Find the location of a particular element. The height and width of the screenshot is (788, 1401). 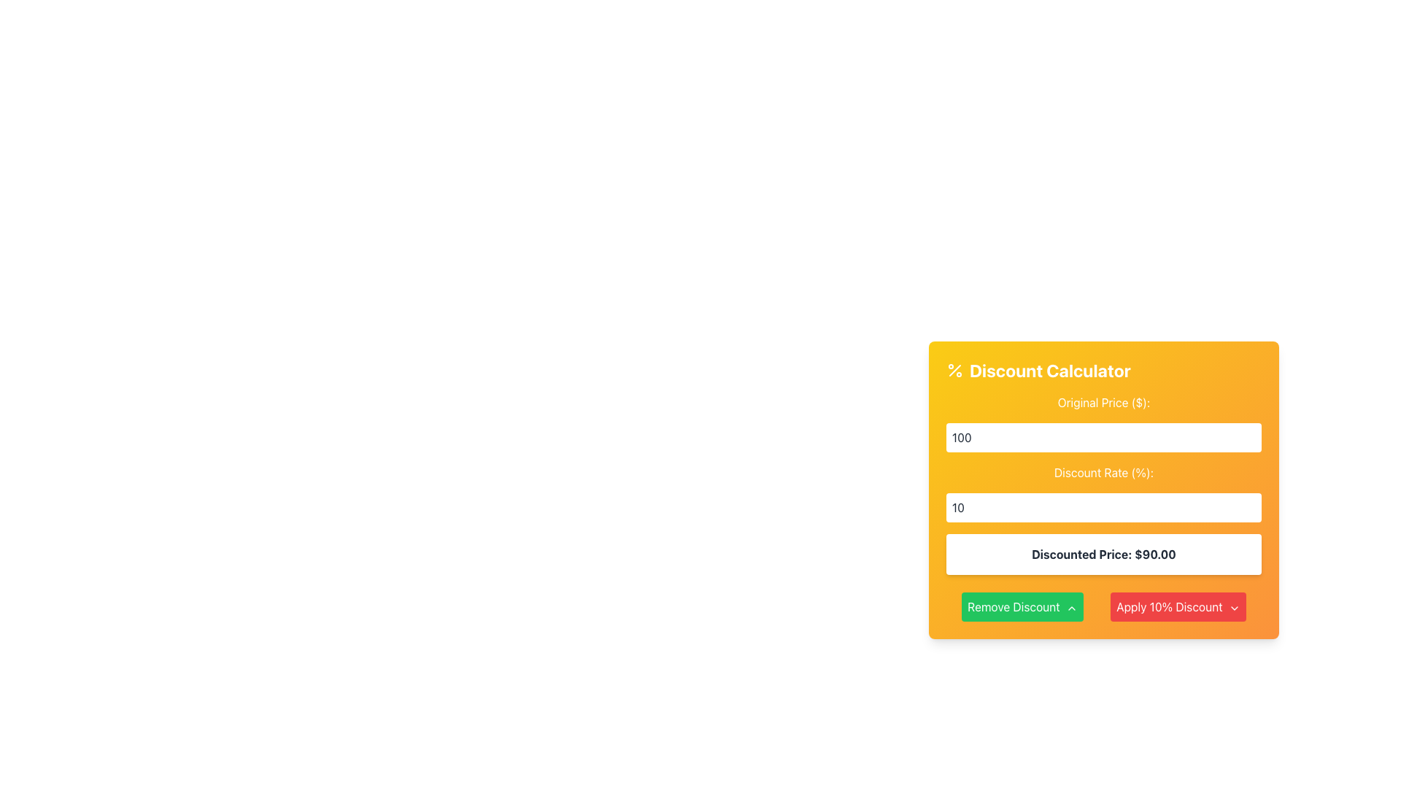

the Static label that indicates the discount percentage, positioned above the input field for the discount percentage is located at coordinates (1103, 473).